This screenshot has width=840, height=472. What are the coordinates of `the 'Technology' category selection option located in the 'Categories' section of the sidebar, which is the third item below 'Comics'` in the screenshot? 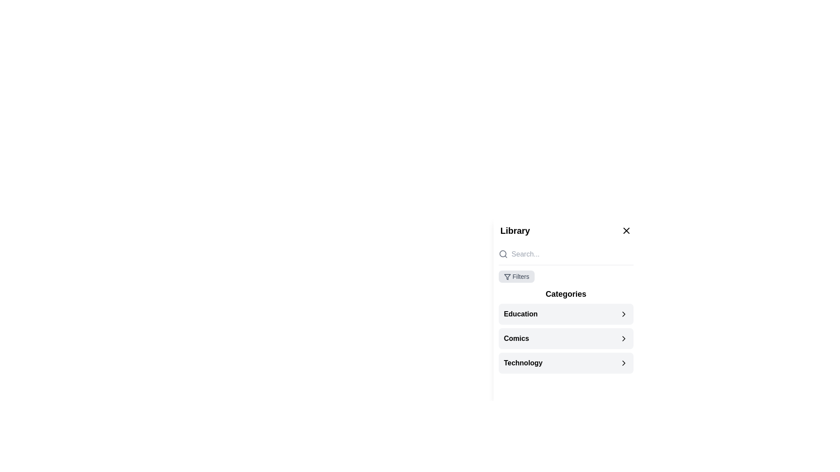 It's located at (566, 363).